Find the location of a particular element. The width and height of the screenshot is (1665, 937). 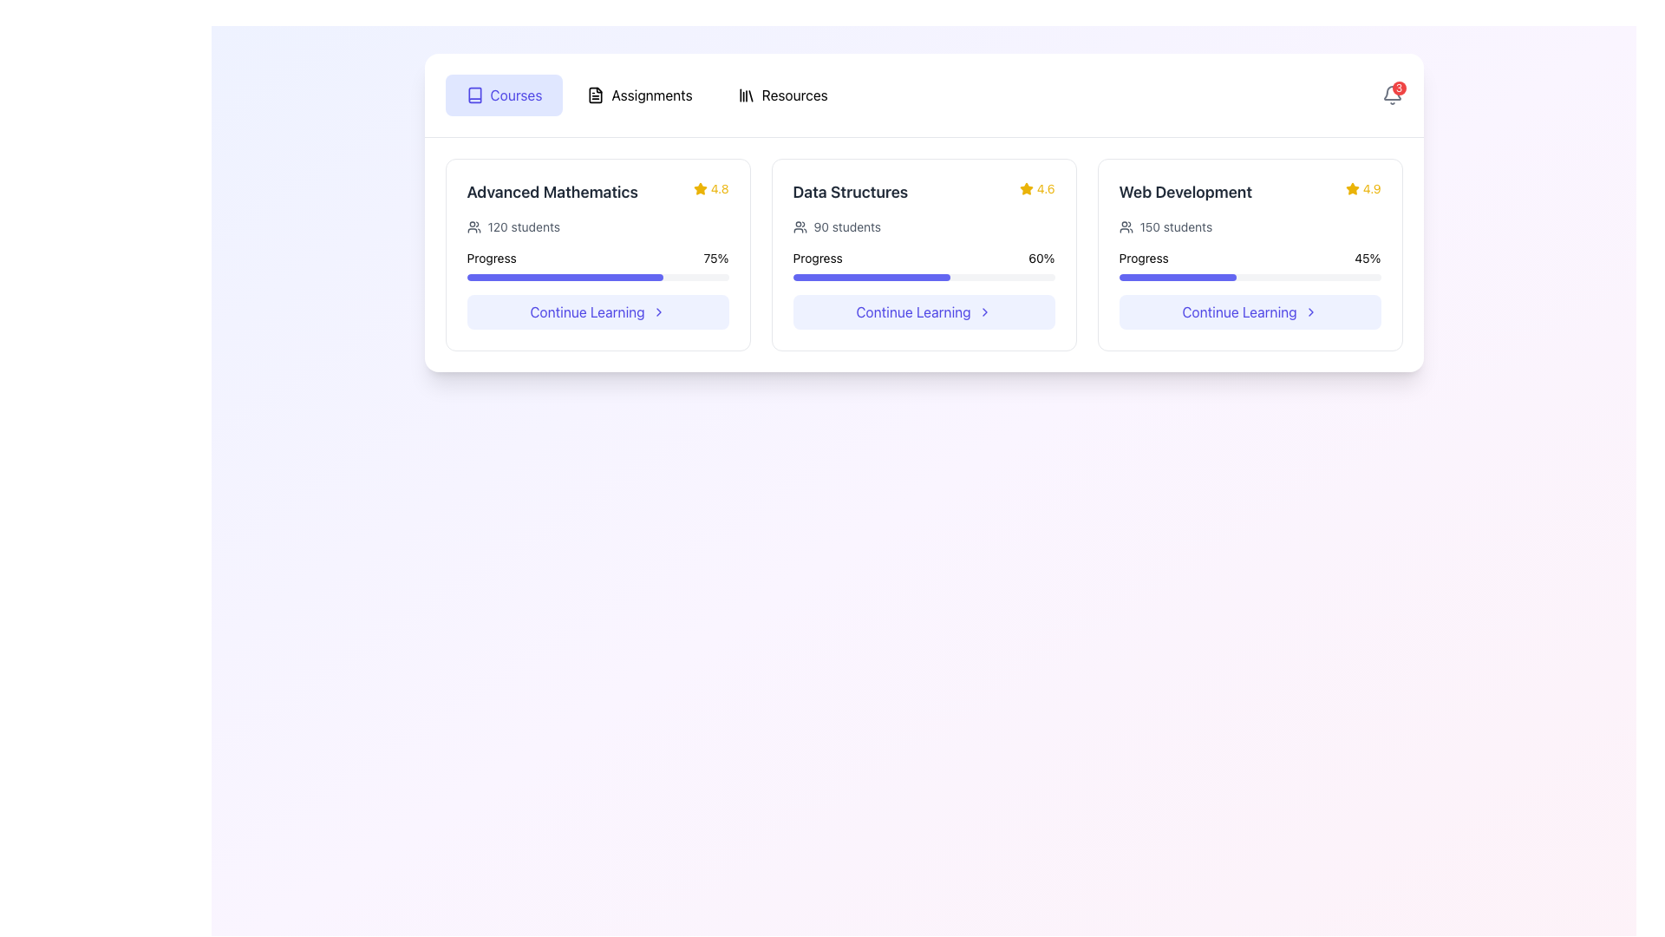

the SVG icon styled as a book symbol located to the left of the 'Courses' button with a purple background is located at coordinates (474, 95).